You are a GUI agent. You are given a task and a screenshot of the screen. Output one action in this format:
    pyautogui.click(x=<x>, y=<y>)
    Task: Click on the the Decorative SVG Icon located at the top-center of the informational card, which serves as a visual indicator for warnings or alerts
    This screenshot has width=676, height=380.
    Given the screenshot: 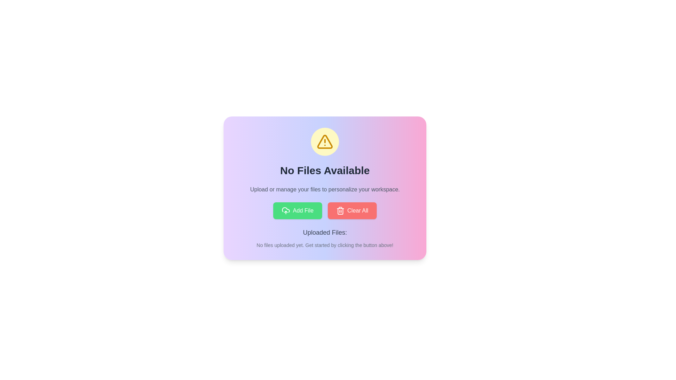 What is the action you would take?
    pyautogui.click(x=324, y=141)
    